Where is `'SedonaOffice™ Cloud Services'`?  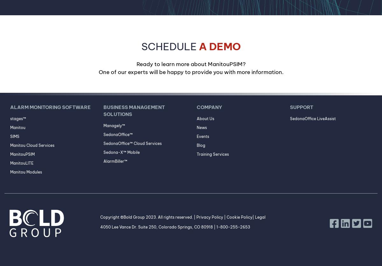
'SedonaOffice™ Cloud Services' is located at coordinates (132, 143).